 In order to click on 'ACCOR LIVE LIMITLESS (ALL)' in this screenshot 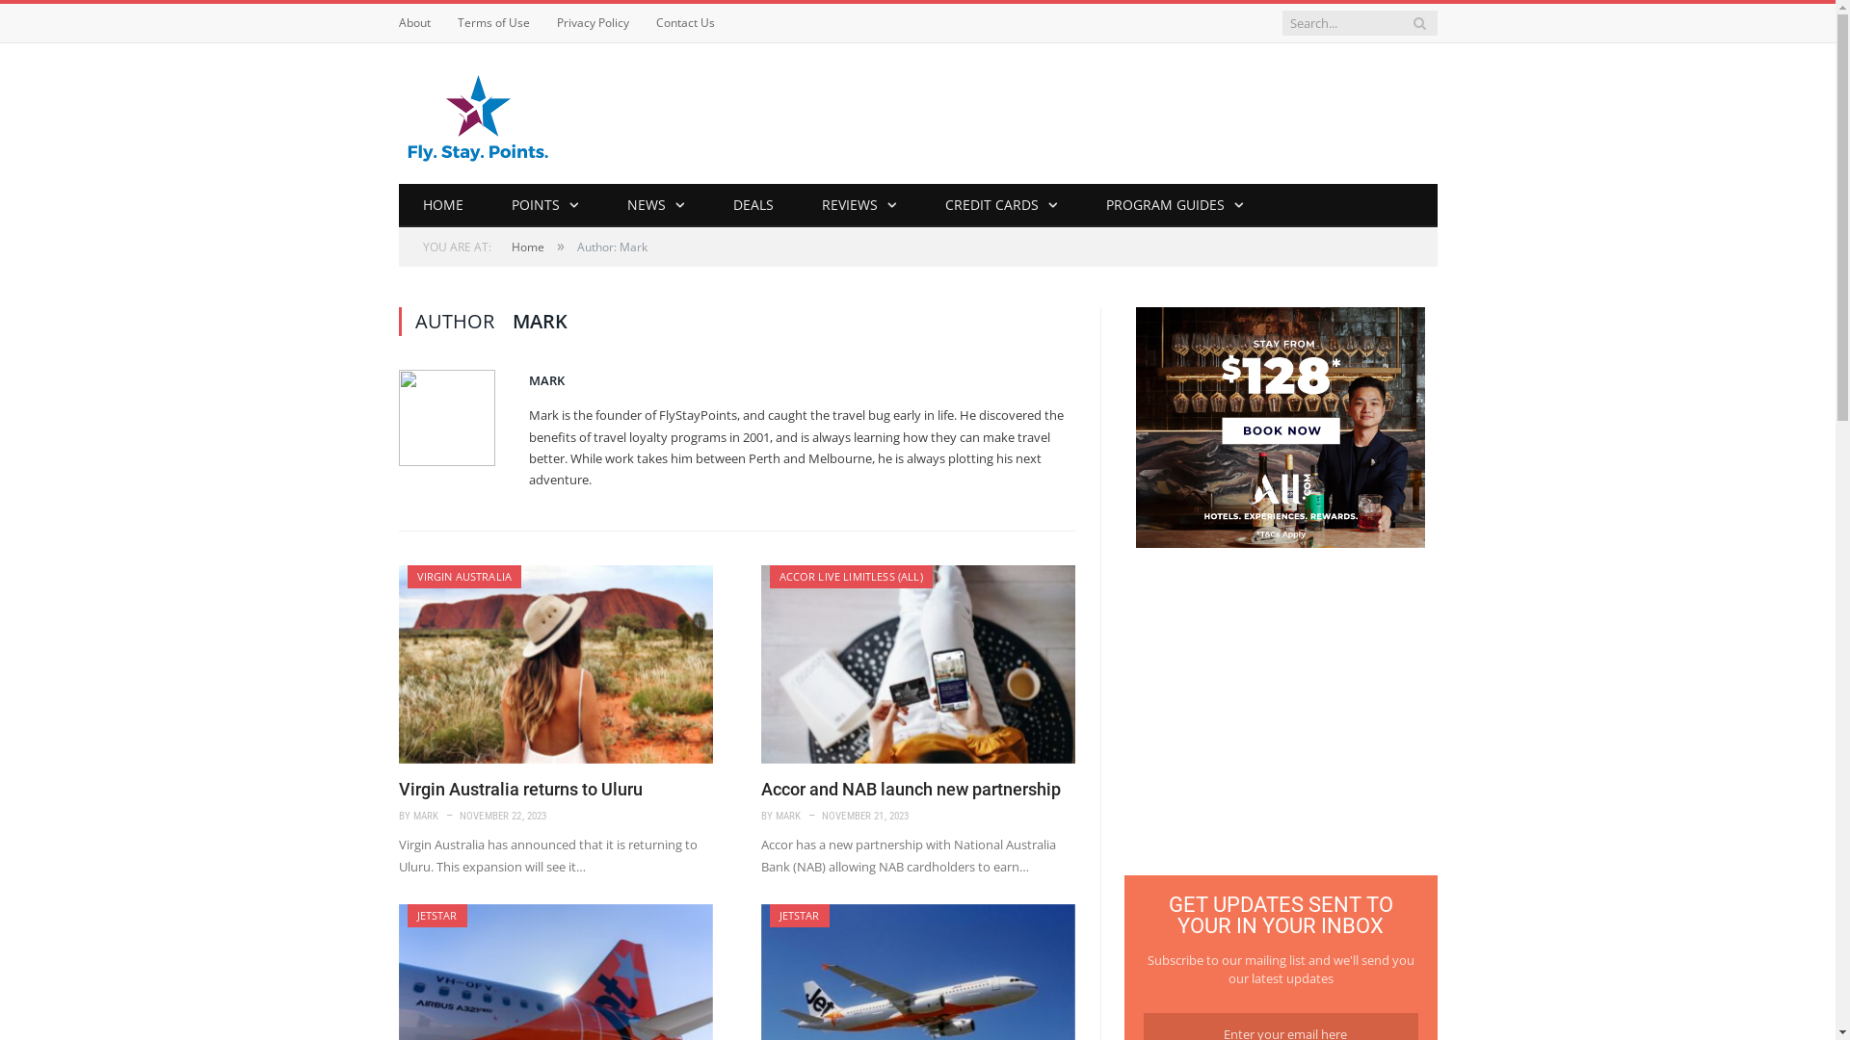, I will do `click(849, 575)`.